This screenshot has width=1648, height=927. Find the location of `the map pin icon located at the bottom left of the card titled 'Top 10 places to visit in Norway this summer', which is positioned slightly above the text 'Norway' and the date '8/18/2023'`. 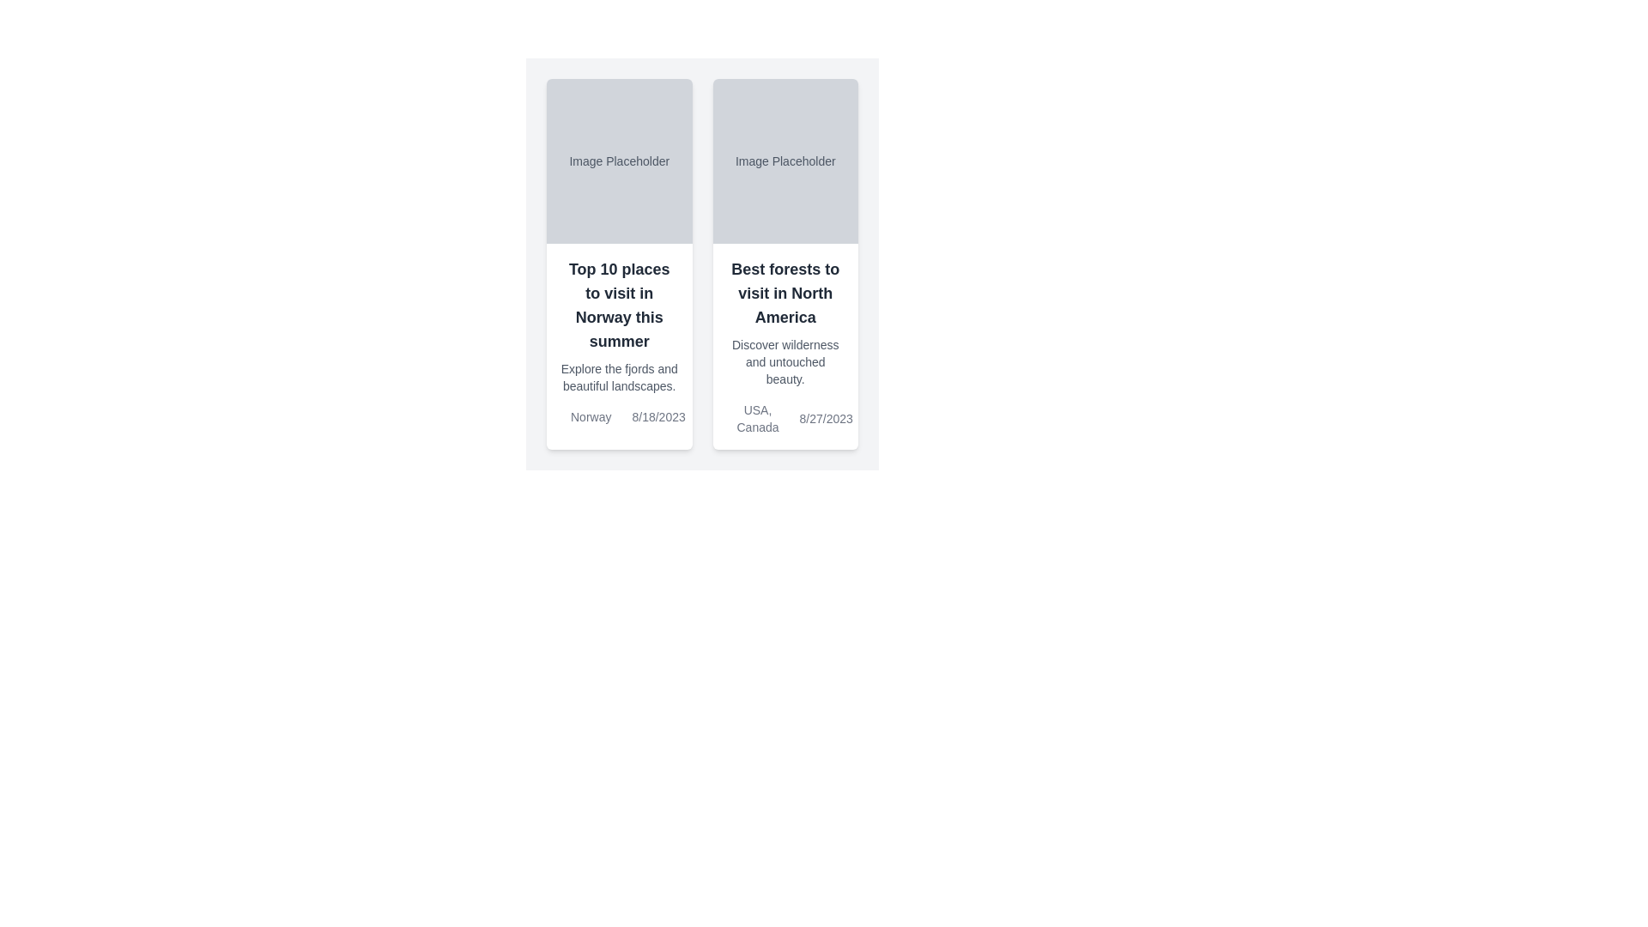

the map pin icon located at the bottom left of the card titled 'Top 10 places to visit in Norway this summer', which is positioned slightly above the text 'Norway' and the date '8/18/2023' is located at coordinates (571, 420).